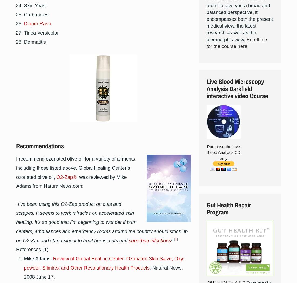 Image resolution: width=297 pixels, height=283 pixels. What do you see at coordinates (172, 240) in the screenshot?
I see `'!”'` at bounding box center [172, 240].